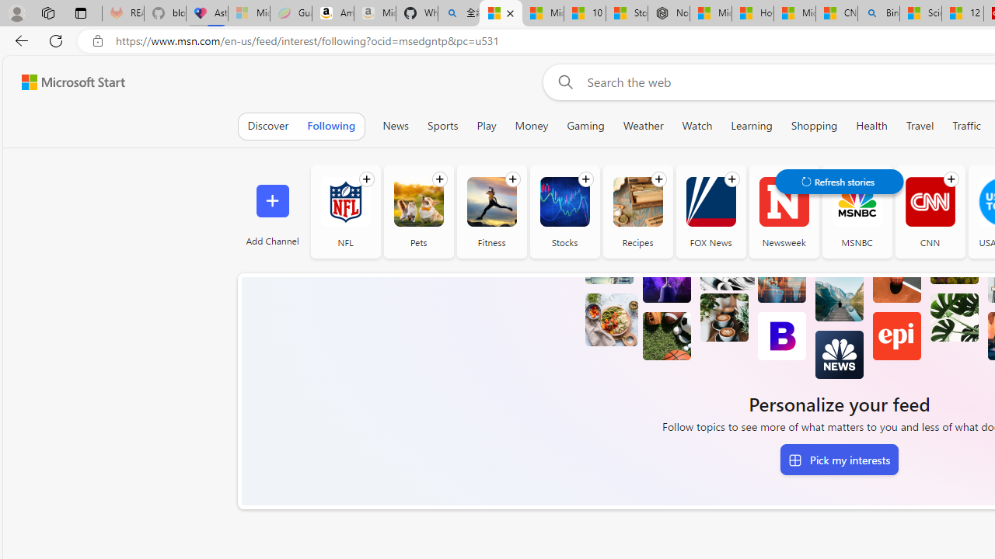 This screenshot has height=559, width=995. What do you see at coordinates (272, 211) in the screenshot?
I see `'Add Channel'` at bounding box center [272, 211].